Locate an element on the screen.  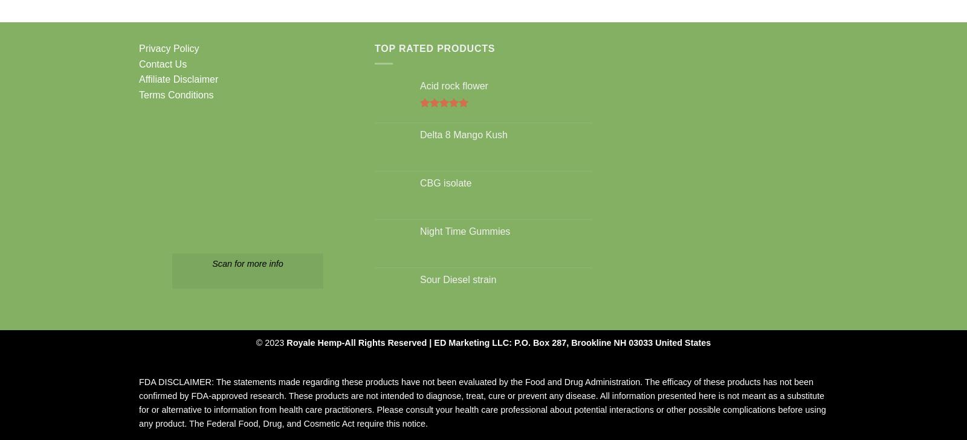
'Royale Hemp-All Rights Reserved | ED Marketing LLC: P.O. Box 287, Brookline NH 03033 United States' is located at coordinates (286, 342).